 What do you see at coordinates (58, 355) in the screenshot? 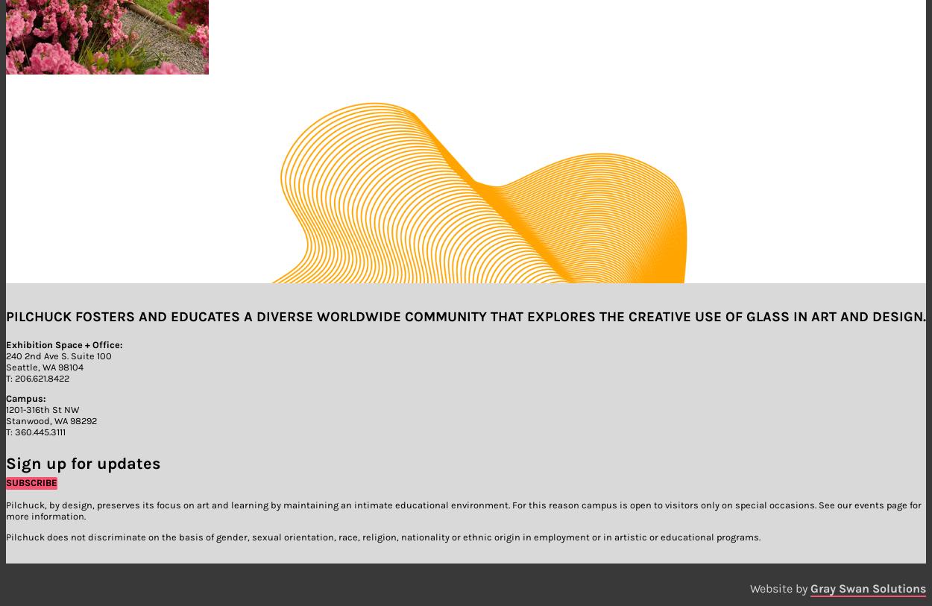
I see `'240 2nd Ave S. Suite 100'` at bounding box center [58, 355].